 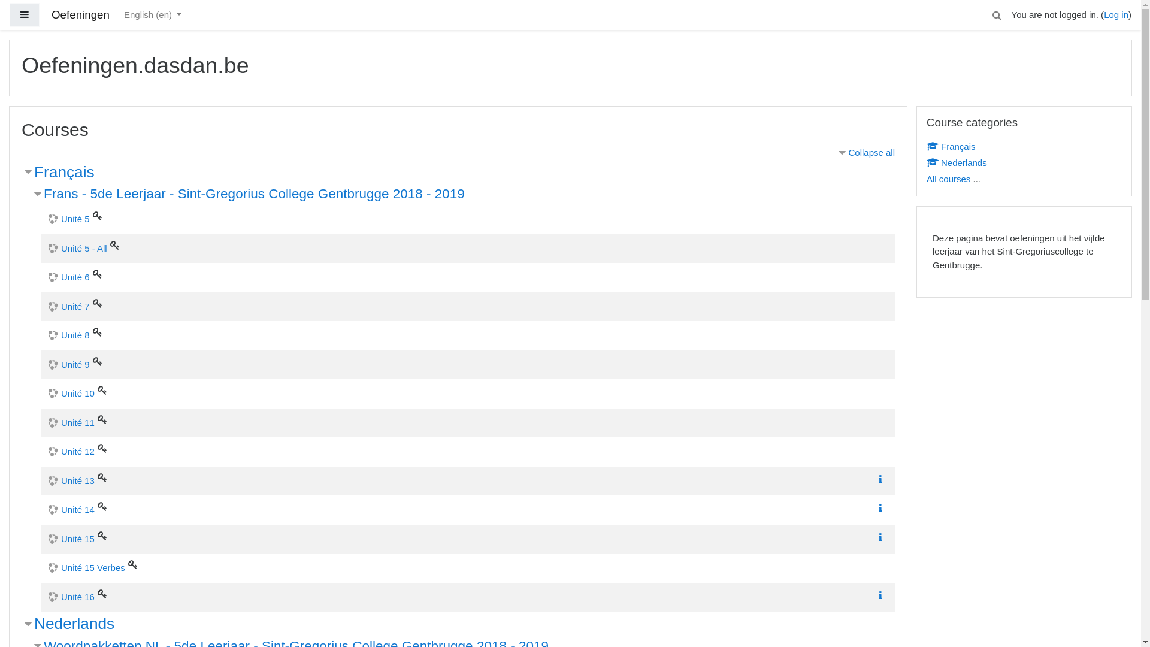 What do you see at coordinates (102, 418) in the screenshot?
I see `'Self enrolment'` at bounding box center [102, 418].